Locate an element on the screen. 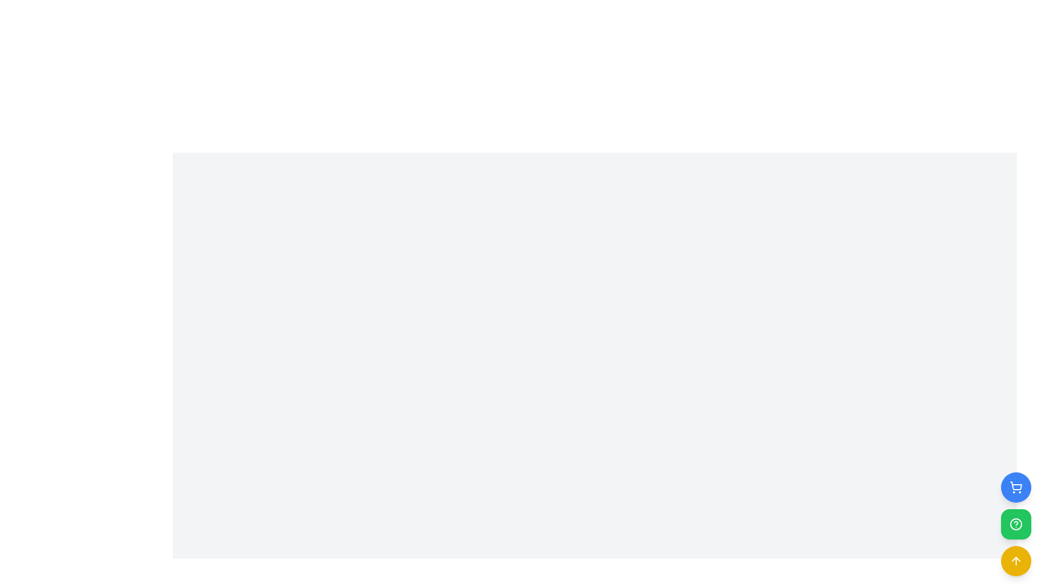 The image size is (1040, 585). the button located at the bottom-right corner, which is the third button in a vertical stack of three is located at coordinates (1016, 561).